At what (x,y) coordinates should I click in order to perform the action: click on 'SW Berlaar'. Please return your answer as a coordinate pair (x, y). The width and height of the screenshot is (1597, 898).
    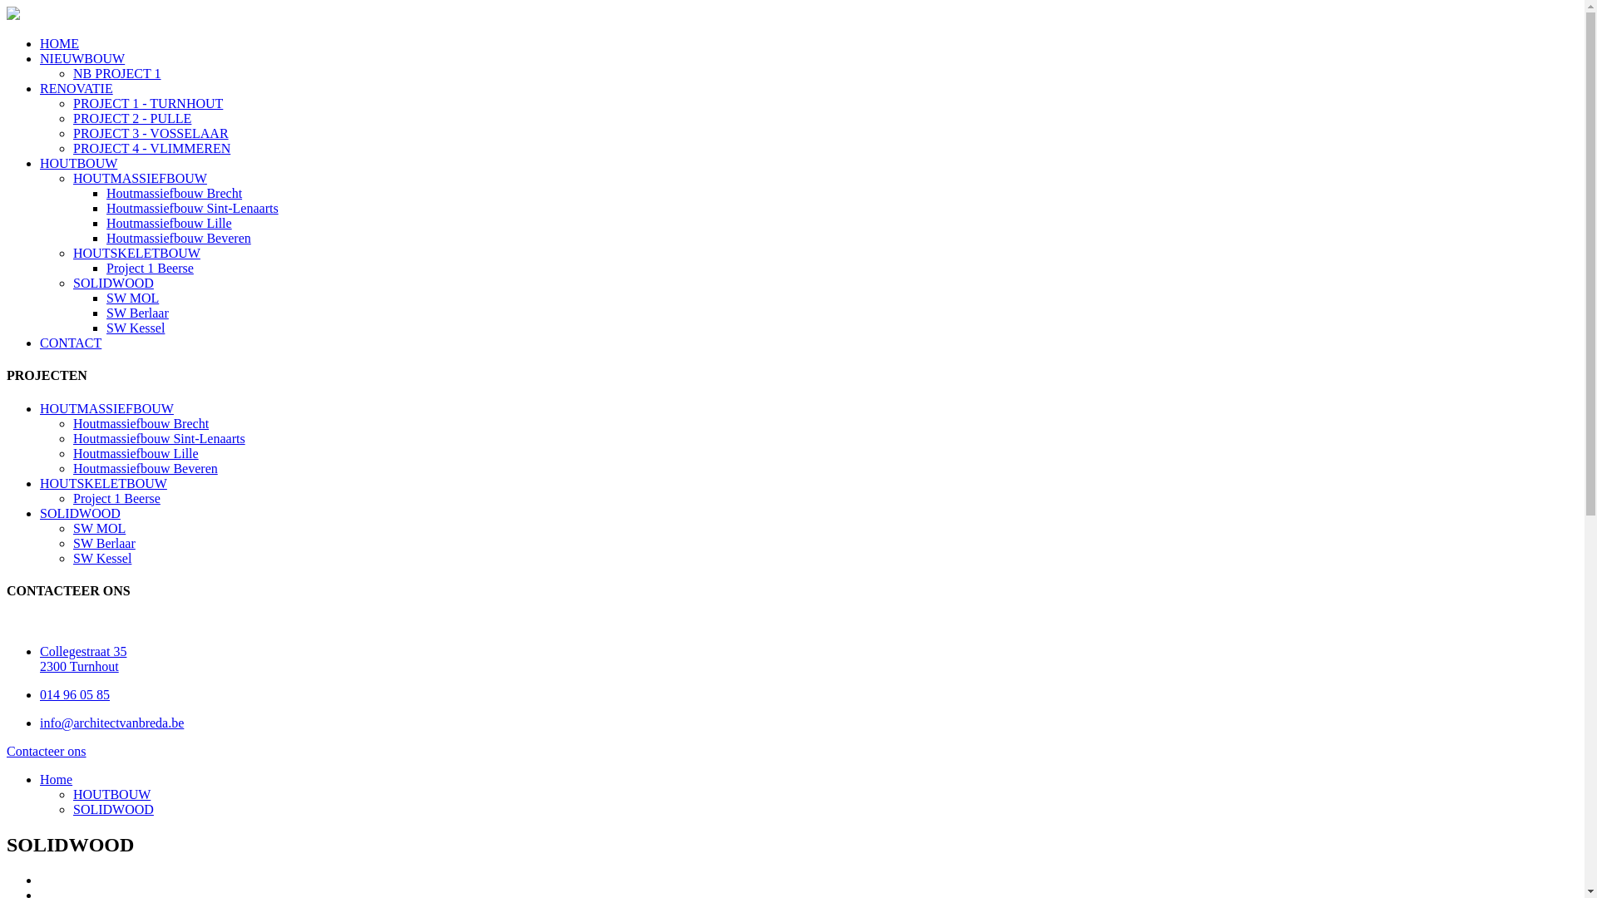
    Looking at the image, I should click on (103, 543).